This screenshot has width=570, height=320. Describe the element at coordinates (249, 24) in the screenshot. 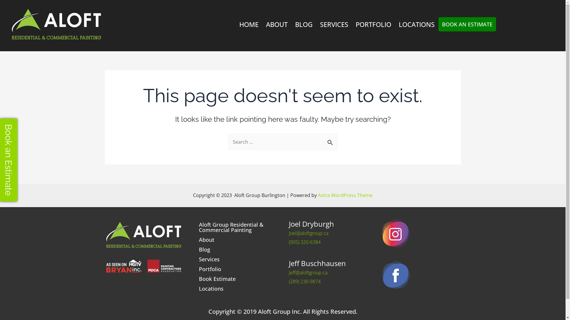

I see `'HOME'` at that location.